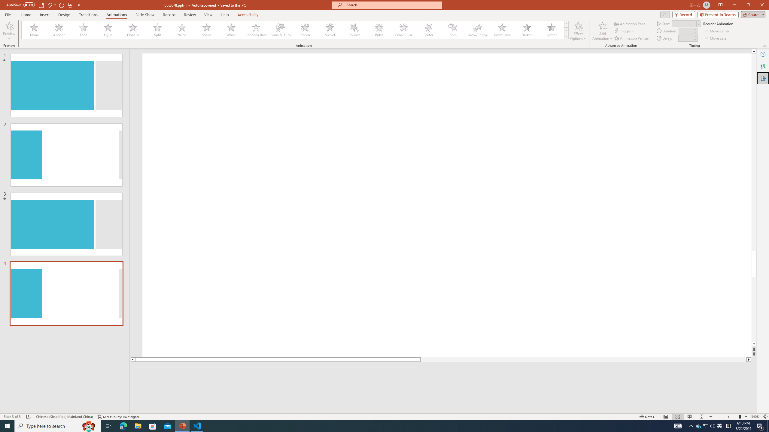 The image size is (769, 432). Describe the element at coordinates (551, 30) in the screenshot. I see `'Lighten'` at that location.